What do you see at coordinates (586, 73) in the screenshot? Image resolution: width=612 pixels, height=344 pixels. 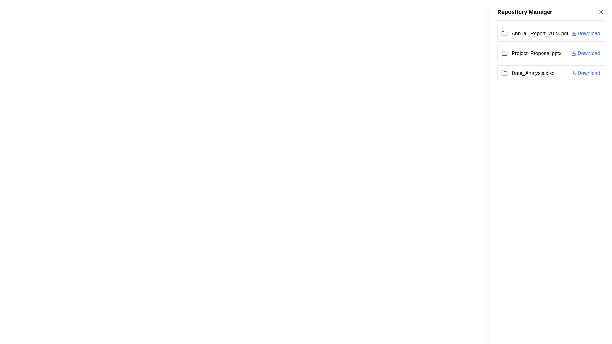 I see `the 'Download' button-like interactive link located to the right of the 'Data_Analysis.xlsx' label in the 'Repository Manager' section to initiate the file download` at bounding box center [586, 73].